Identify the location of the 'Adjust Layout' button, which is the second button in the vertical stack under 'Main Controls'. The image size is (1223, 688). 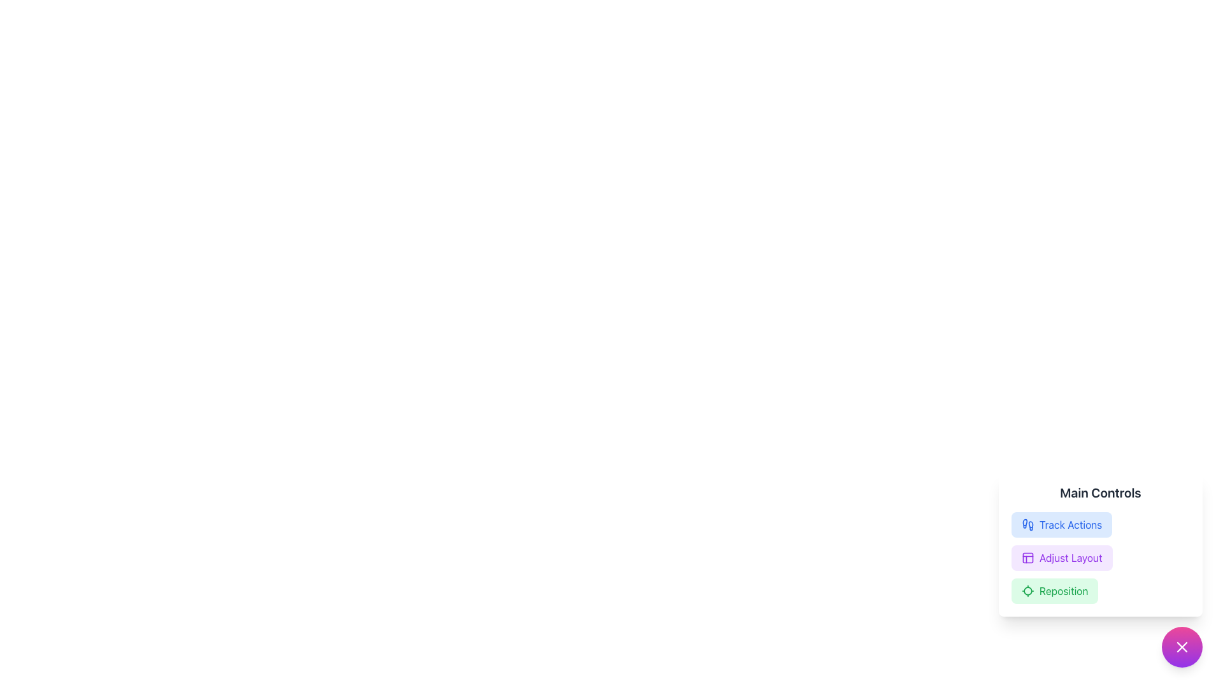
(1062, 557).